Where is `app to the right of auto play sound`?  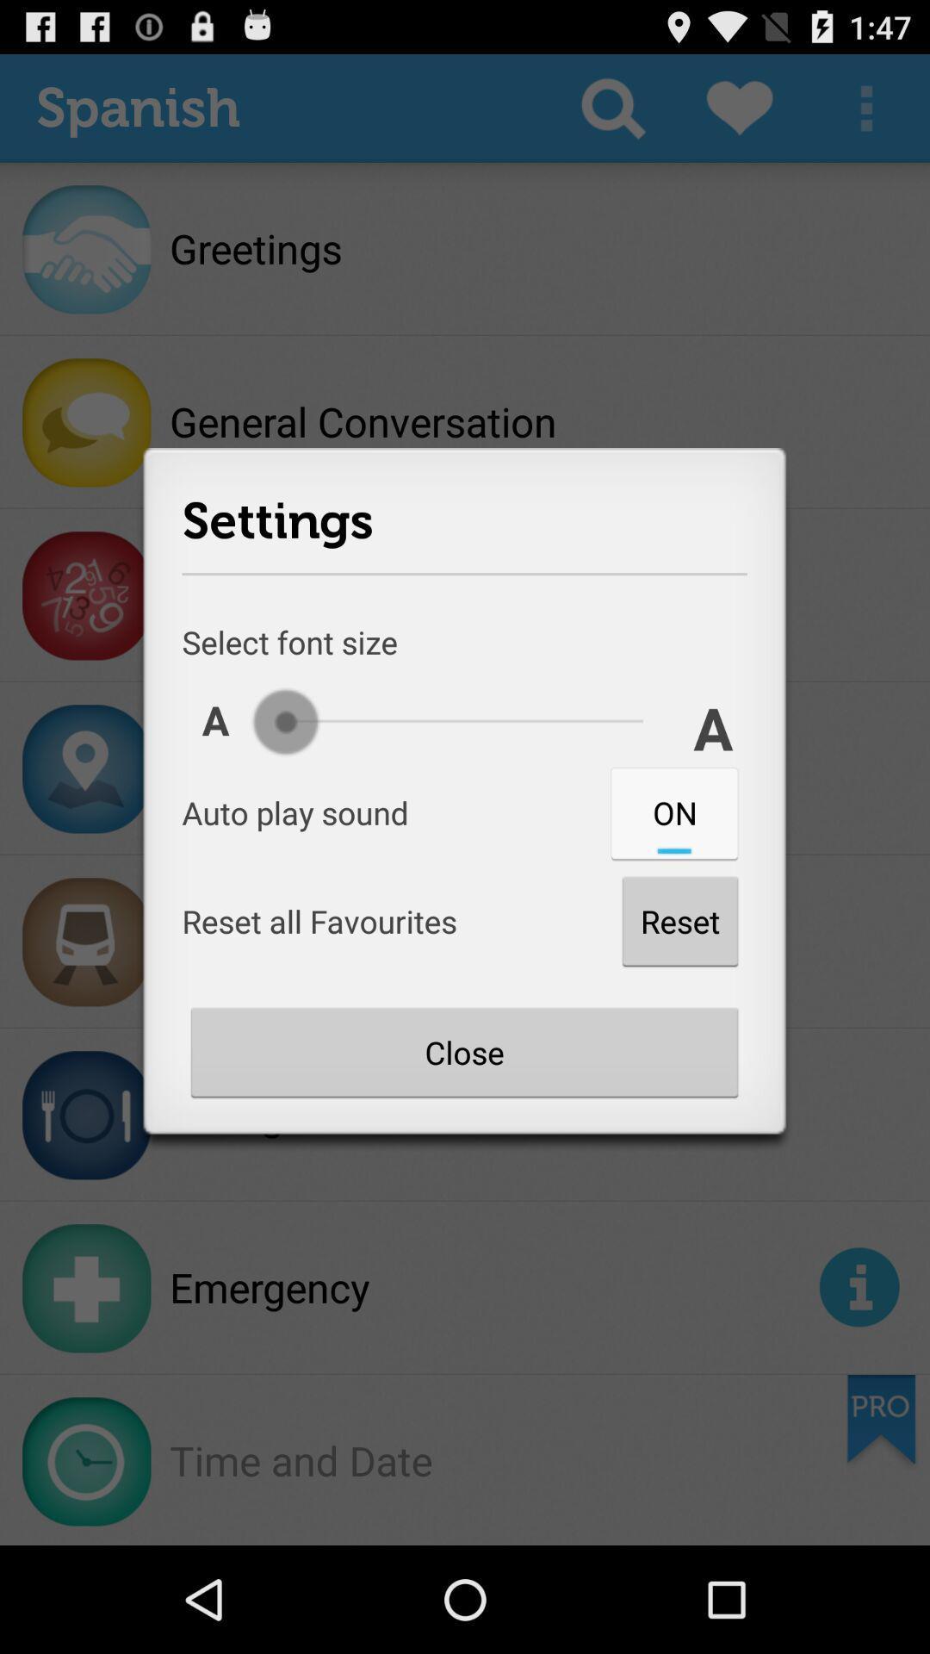
app to the right of auto play sound is located at coordinates (673, 811).